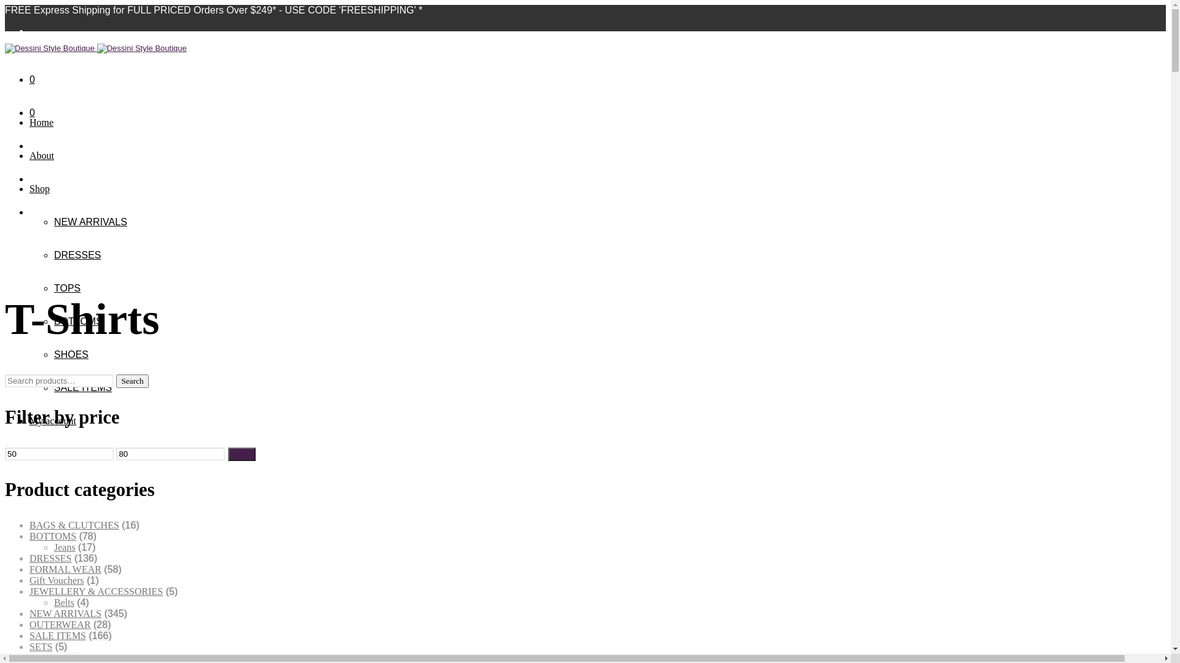 This screenshot has height=663, width=1180. What do you see at coordinates (52, 535) in the screenshot?
I see `'BOTTOMS'` at bounding box center [52, 535].